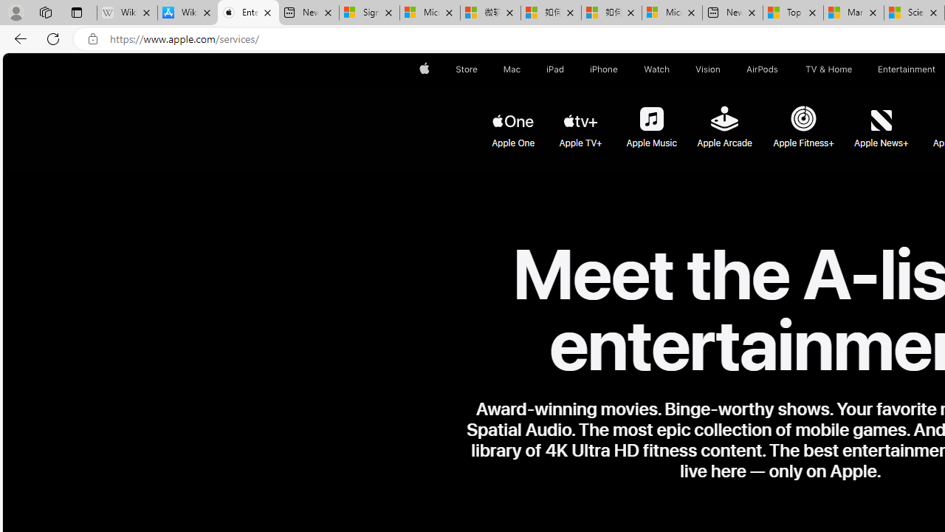 The image size is (945, 532). I want to click on 'Apple', so click(423, 69).